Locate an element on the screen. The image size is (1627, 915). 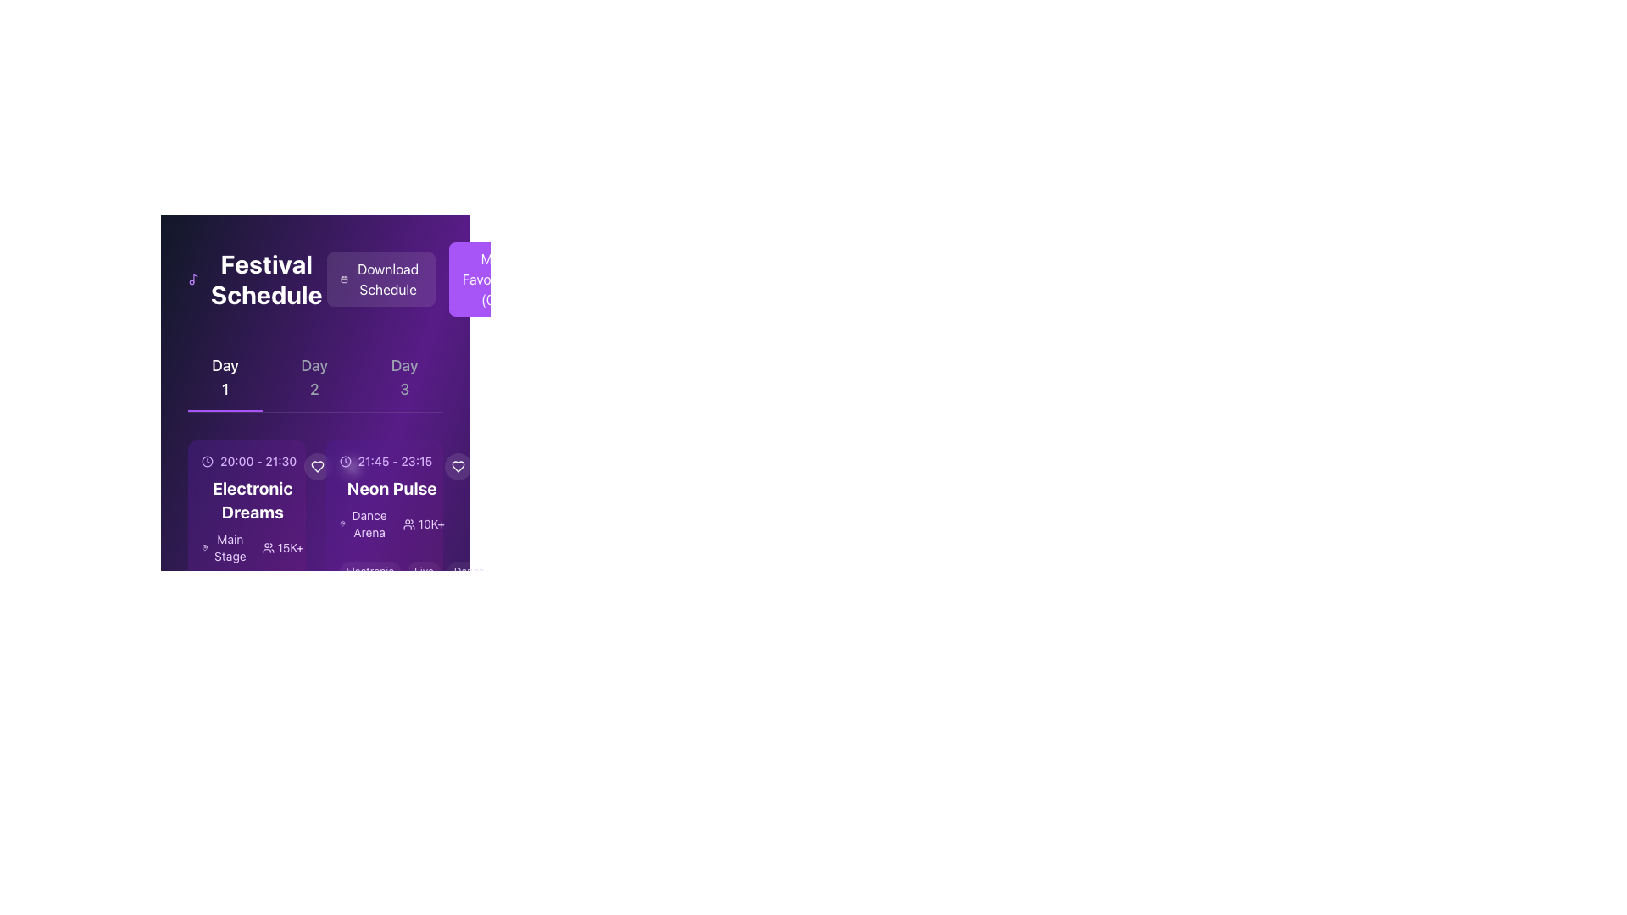
the graphical indicator icon associated with the 'Dance Arena' label in the second event card ('Neon Pulse') in the schedule view is located at coordinates (342, 523).